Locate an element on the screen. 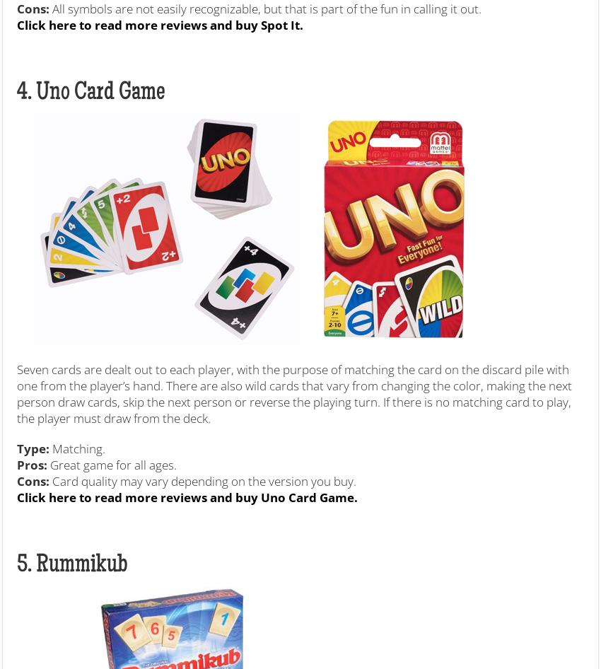 The width and height of the screenshot is (601, 669). 'Type:' is located at coordinates (33, 448).